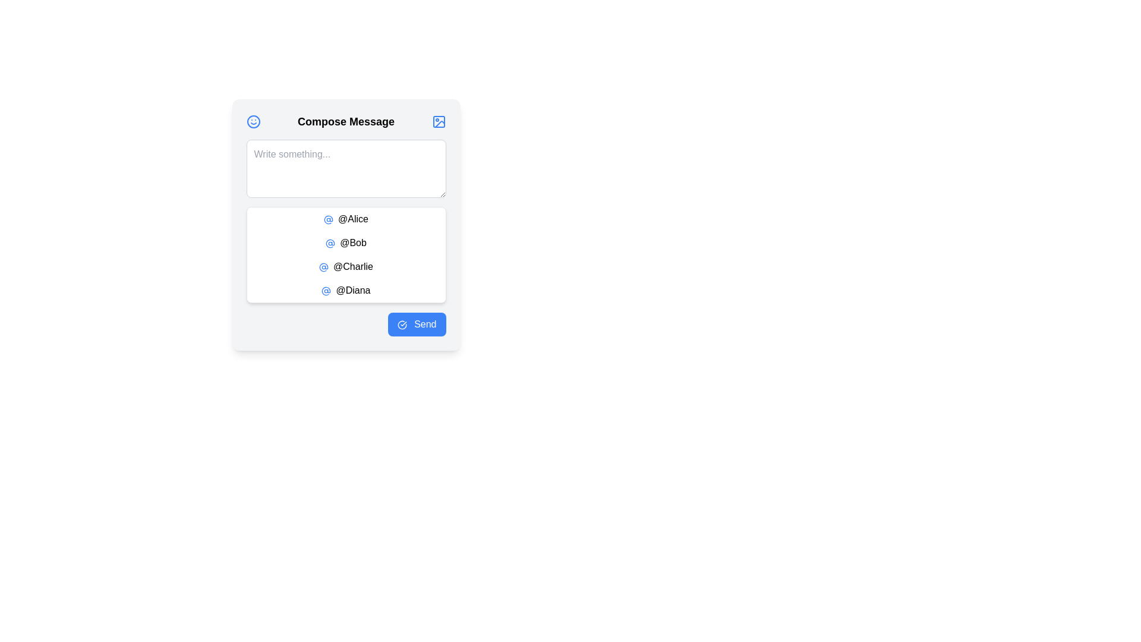  I want to click on the '@' icon associated with the username '@Charlie' in the user mention picker interface, so click(324, 266).